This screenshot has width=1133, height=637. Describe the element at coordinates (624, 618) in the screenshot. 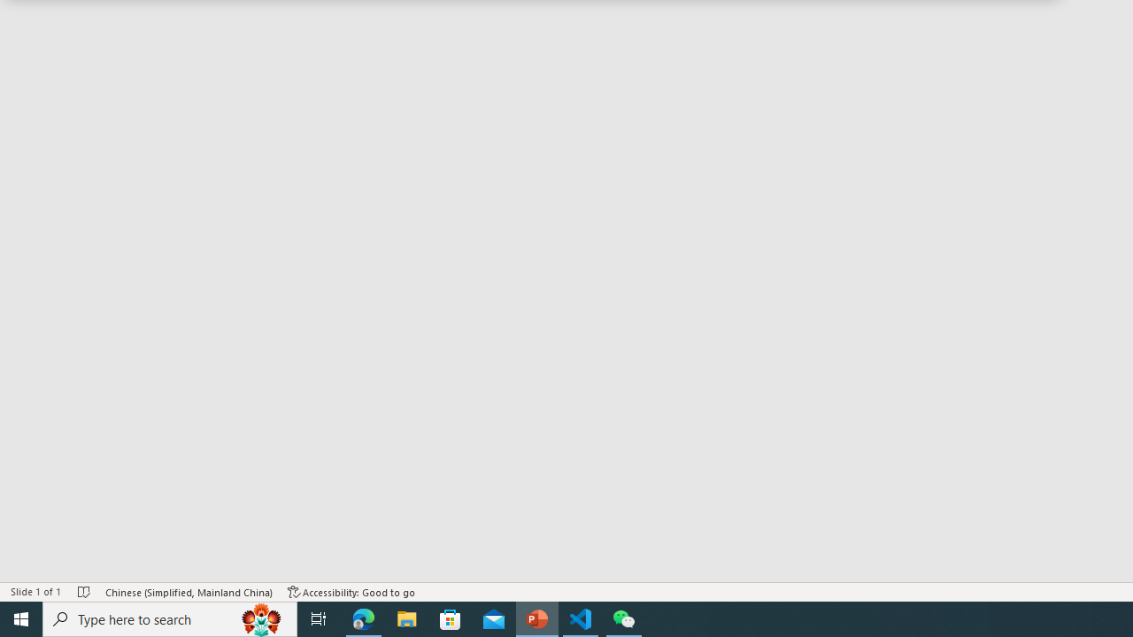

I see `'WeChat - 1 running window'` at that location.